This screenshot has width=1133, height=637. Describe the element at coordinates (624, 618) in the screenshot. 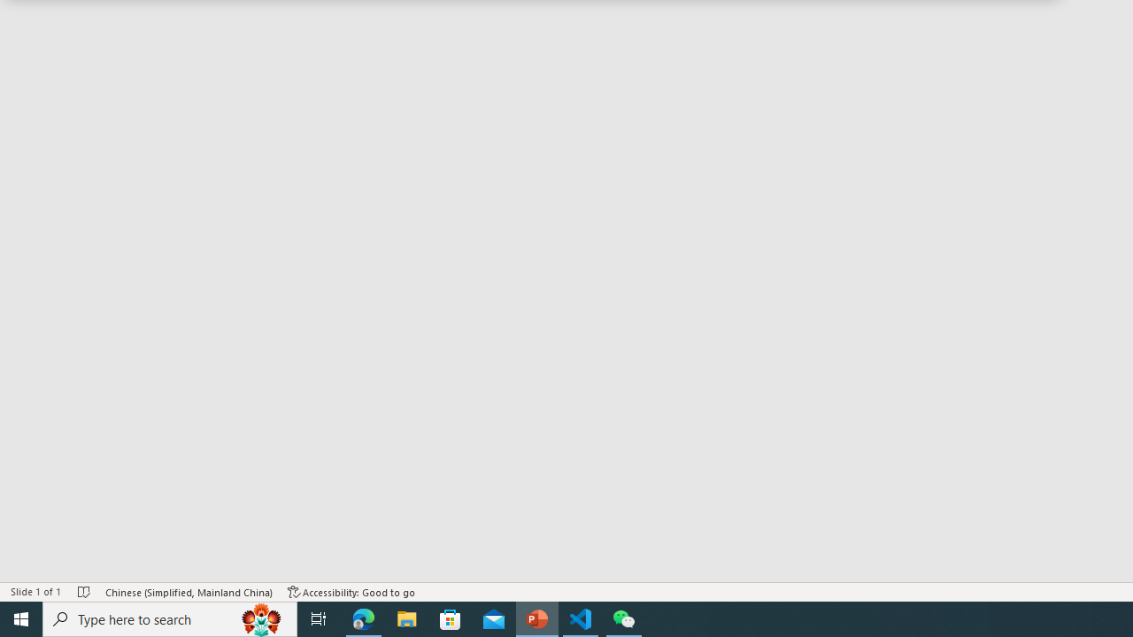

I see `'WeChat - 1 running window'` at that location.